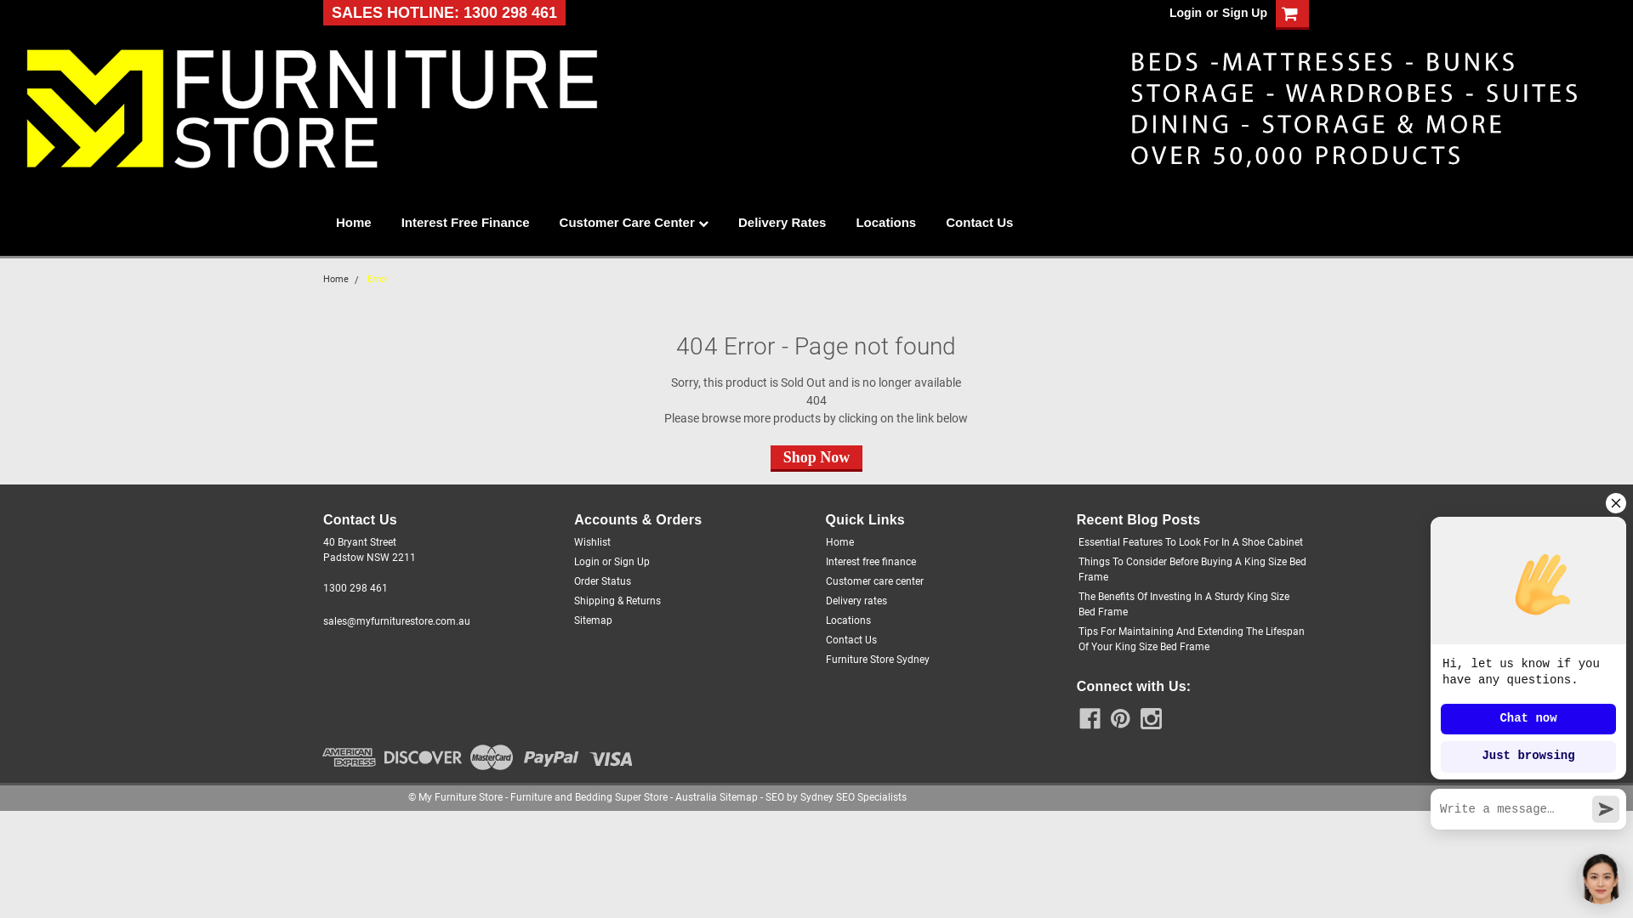 This screenshot has height=918, width=1633. Describe the element at coordinates (900, 222) in the screenshot. I see `'Locations'` at that location.